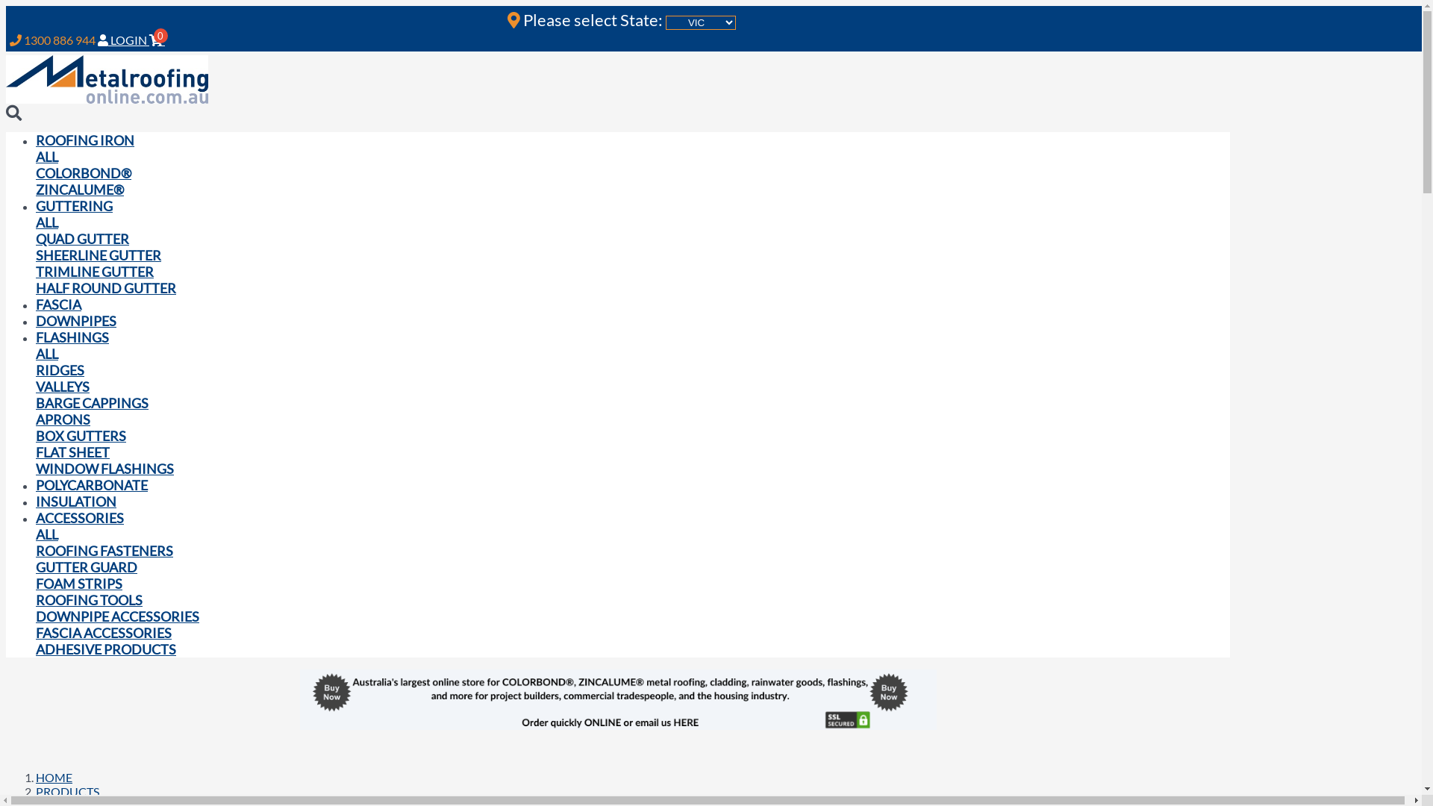 The height and width of the screenshot is (806, 1433). Describe the element at coordinates (71, 337) in the screenshot. I see `'FLASHINGS'` at that location.